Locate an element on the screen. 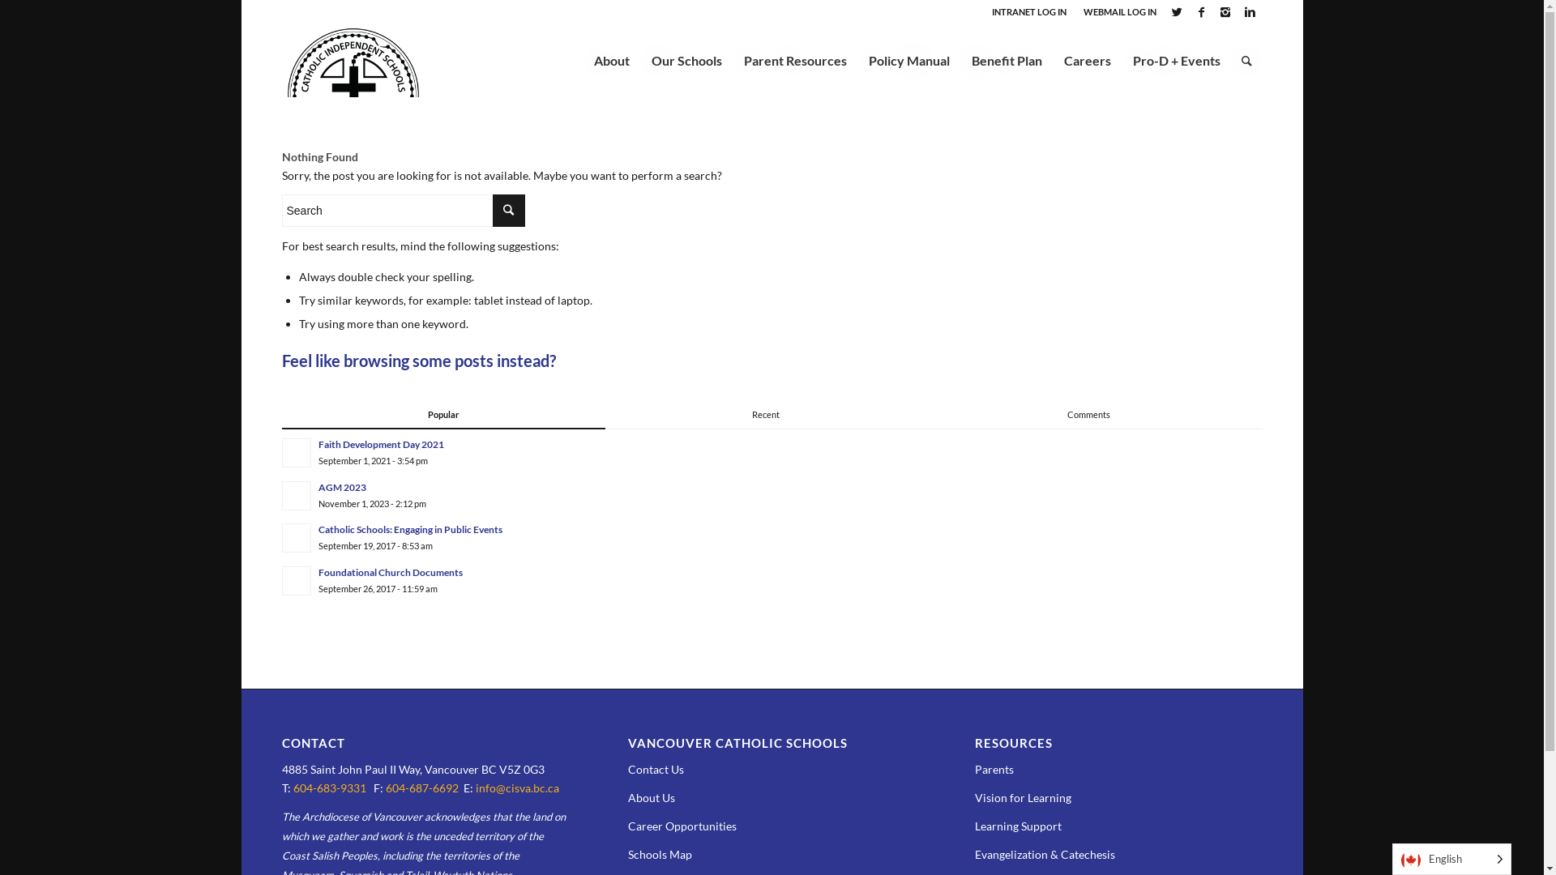 This screenshot has height=875, width=1556. 'Parent Resources' is located at coordinates (794, 59).